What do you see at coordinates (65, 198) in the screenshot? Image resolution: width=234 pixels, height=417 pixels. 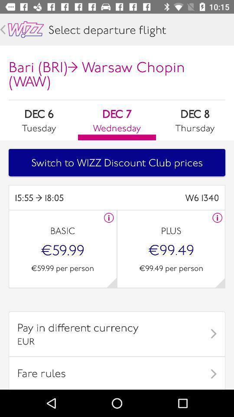 I see `icon next to w6 1340 item` at bounding box center [65, 198].